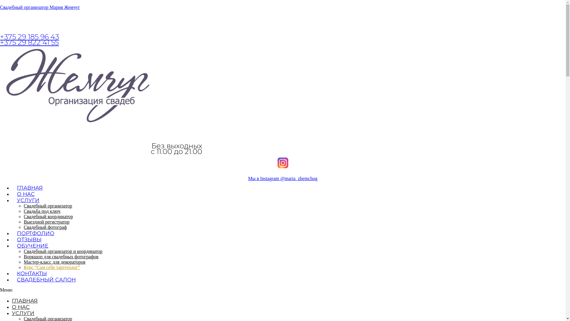 The width and height of the screenshot is (570, 321). Describe the element at coordinates (29, 42) in the screenshot. I see `'+375 29 822 41 55'` at that location.